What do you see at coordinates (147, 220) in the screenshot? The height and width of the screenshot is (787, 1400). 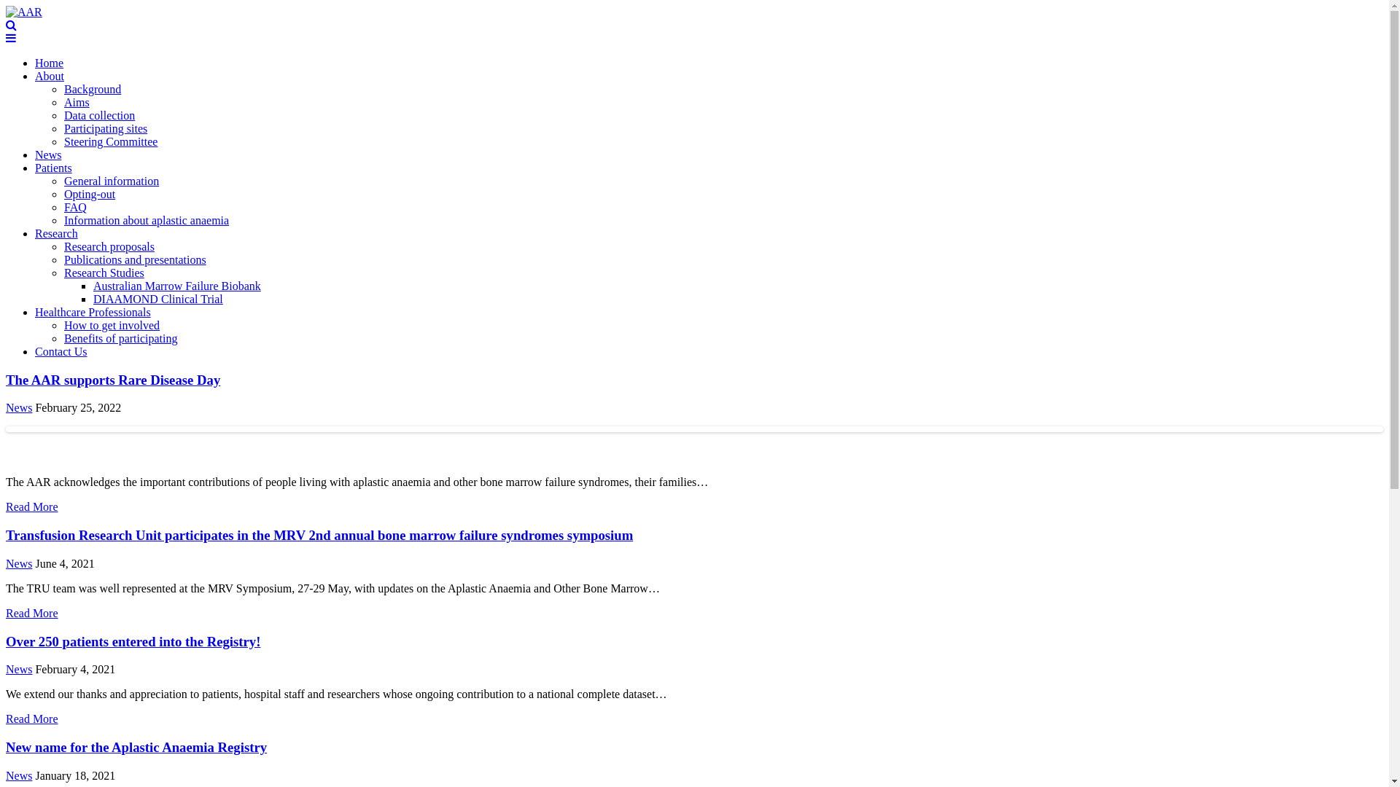 I see `'Information about aplastic anaemia'` at bounding box center [147, 220].